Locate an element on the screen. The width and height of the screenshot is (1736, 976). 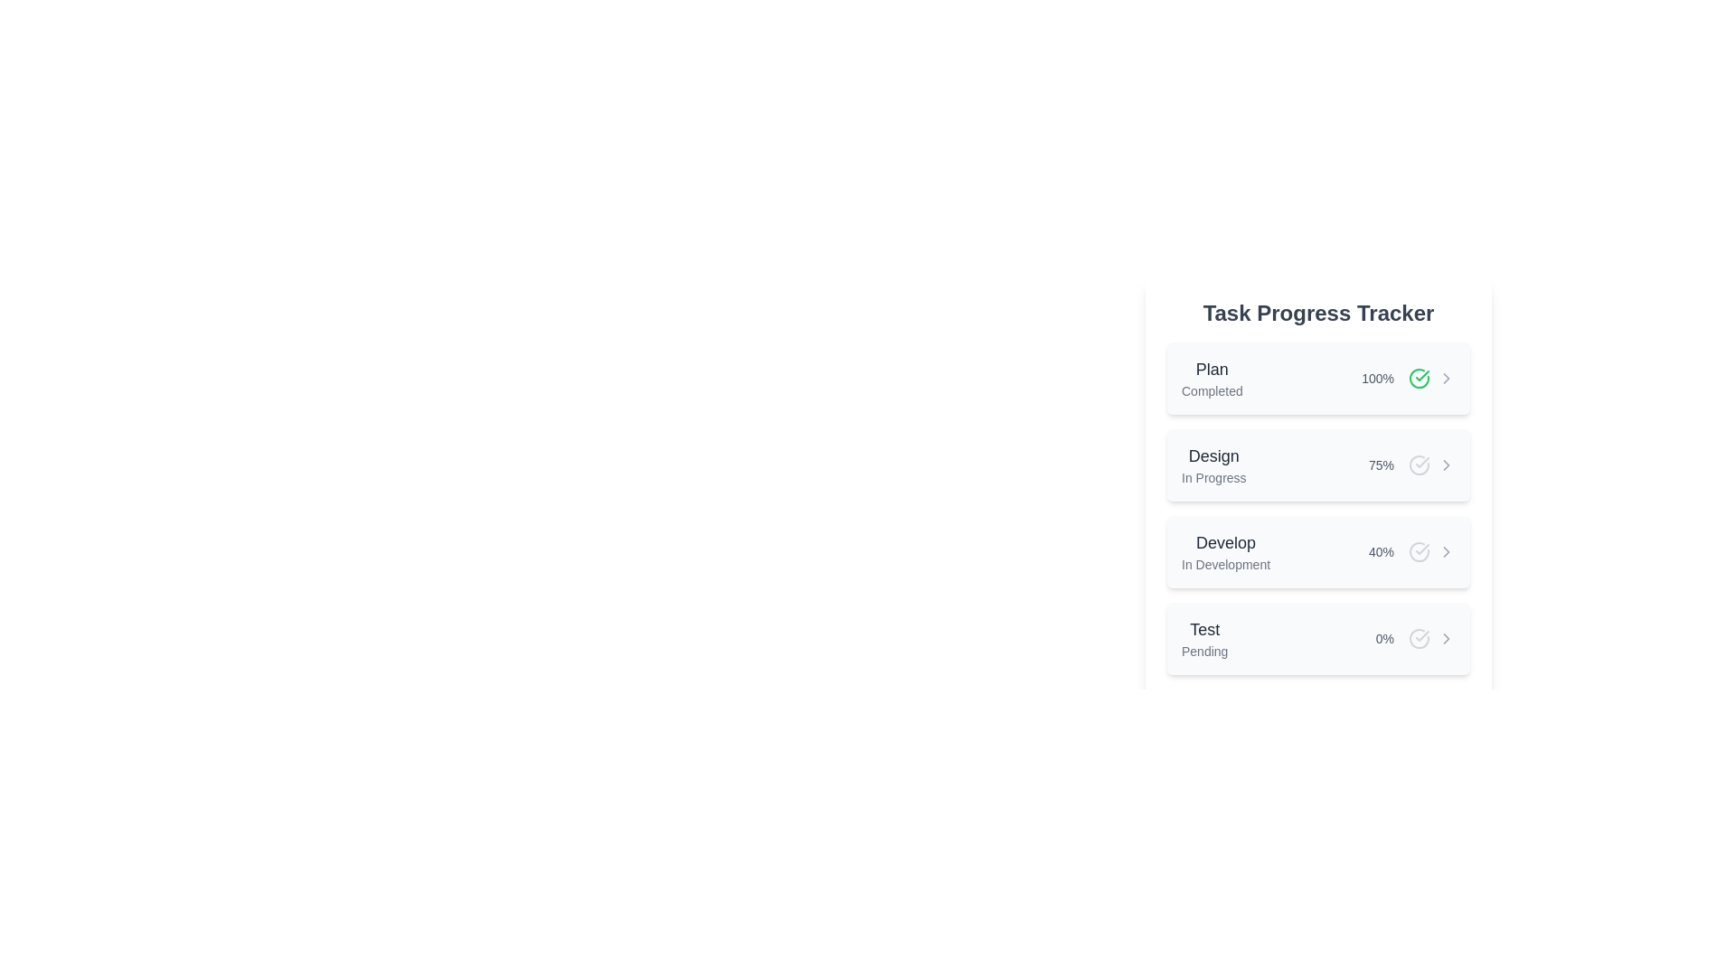
the status indicator text element located under the 'Design' label in the task progress tracker is located at coordinates (1213, 476).